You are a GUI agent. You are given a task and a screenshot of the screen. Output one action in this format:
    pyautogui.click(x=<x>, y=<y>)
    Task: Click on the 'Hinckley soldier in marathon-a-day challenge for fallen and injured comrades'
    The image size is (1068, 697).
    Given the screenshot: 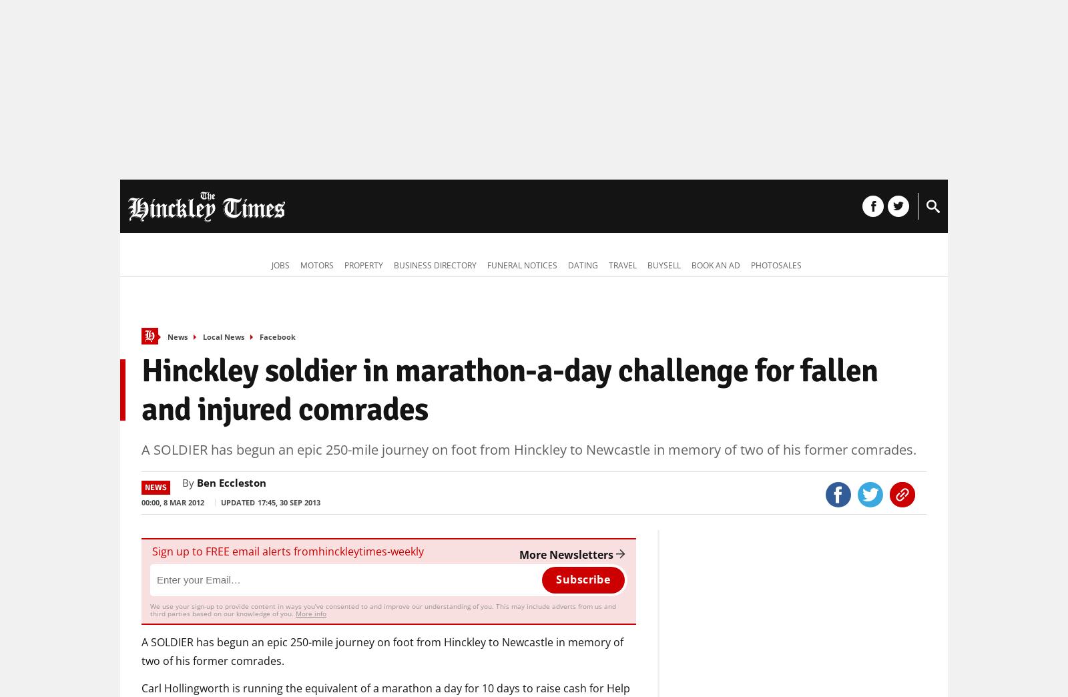 What is the action you would take?
    pyautogui.click(x=509, y=389)
    